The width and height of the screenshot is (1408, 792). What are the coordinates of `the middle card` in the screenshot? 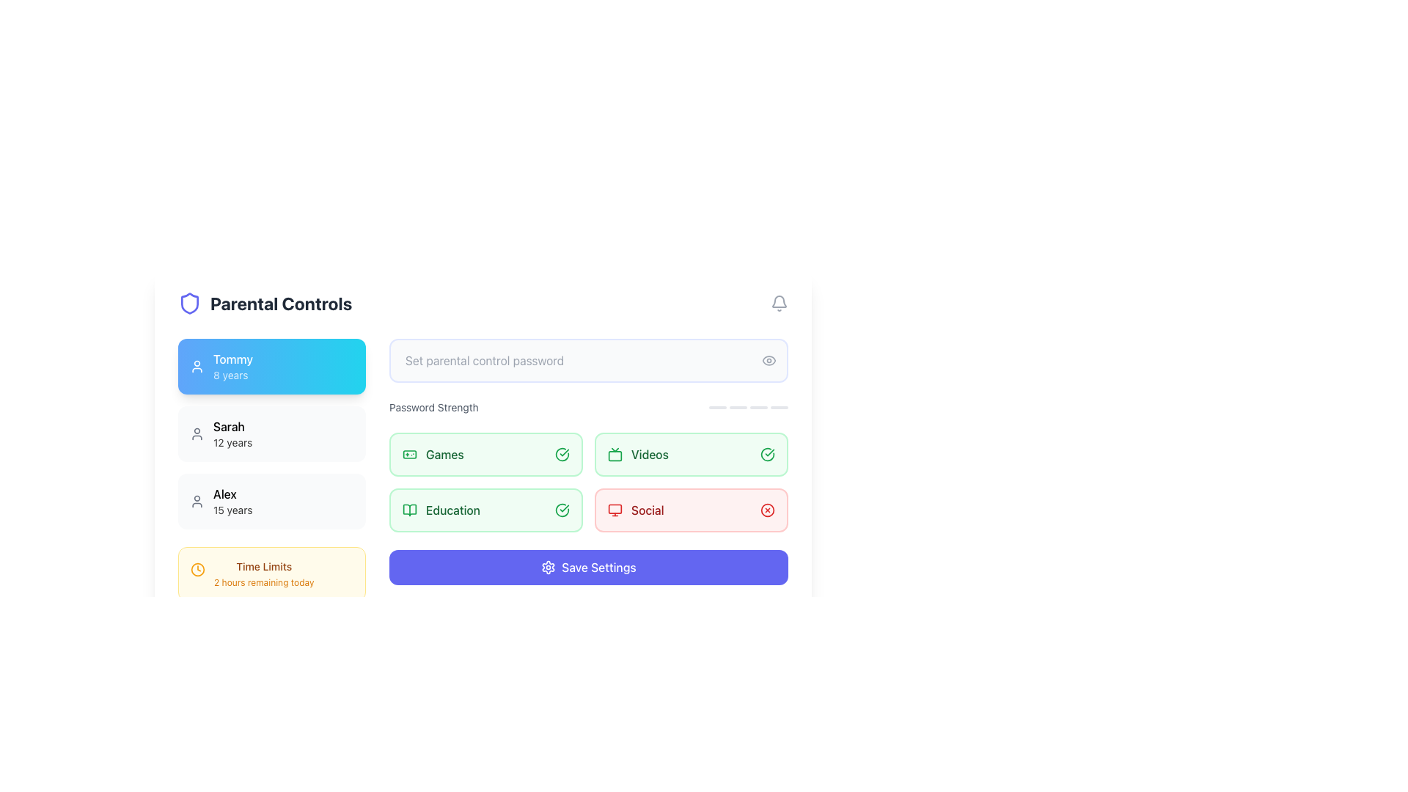 It's located at (271, 433).